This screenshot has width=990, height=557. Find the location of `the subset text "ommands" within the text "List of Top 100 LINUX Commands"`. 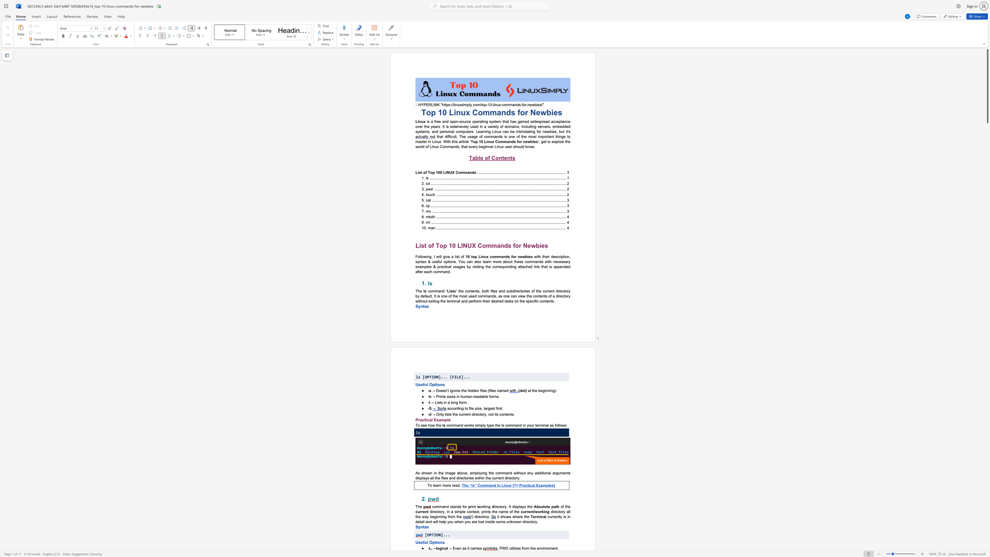

the subset text "ommands" within the text "List of Top 100 LINUX Commands" is located at coordinates (458, 172).